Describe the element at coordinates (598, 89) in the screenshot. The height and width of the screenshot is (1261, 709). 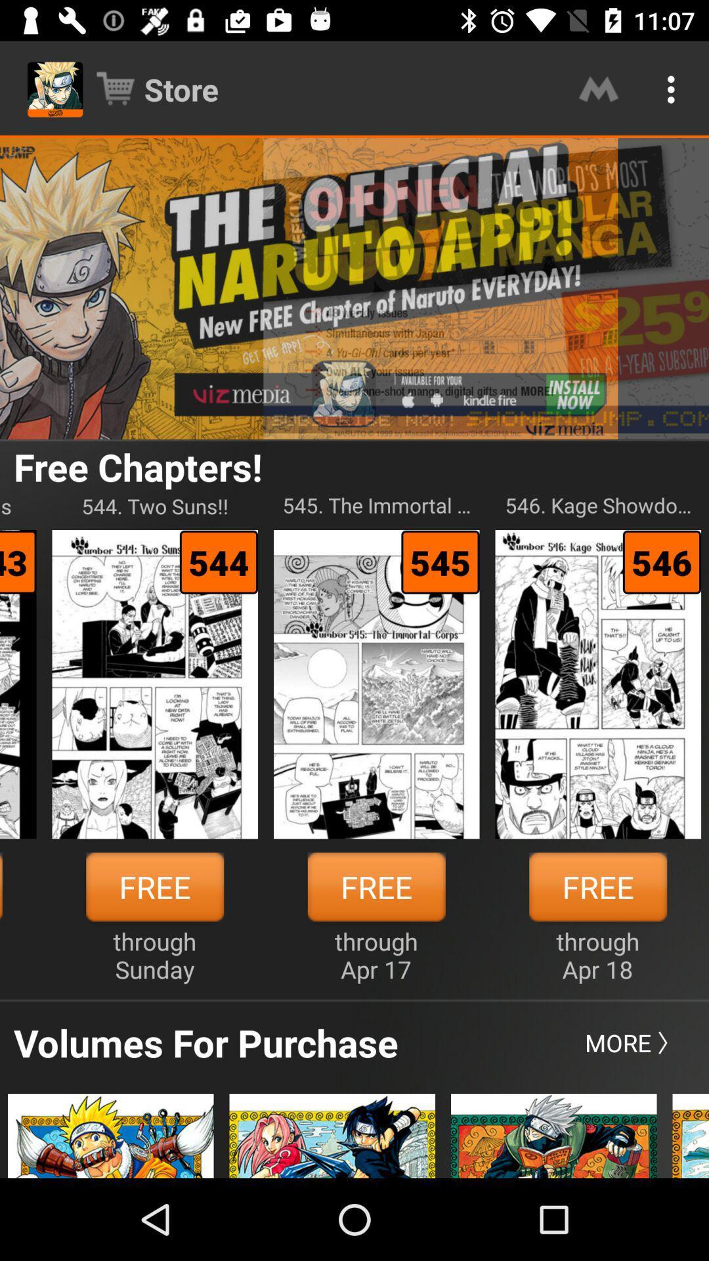
I see `icon next to  store icon` at that location.